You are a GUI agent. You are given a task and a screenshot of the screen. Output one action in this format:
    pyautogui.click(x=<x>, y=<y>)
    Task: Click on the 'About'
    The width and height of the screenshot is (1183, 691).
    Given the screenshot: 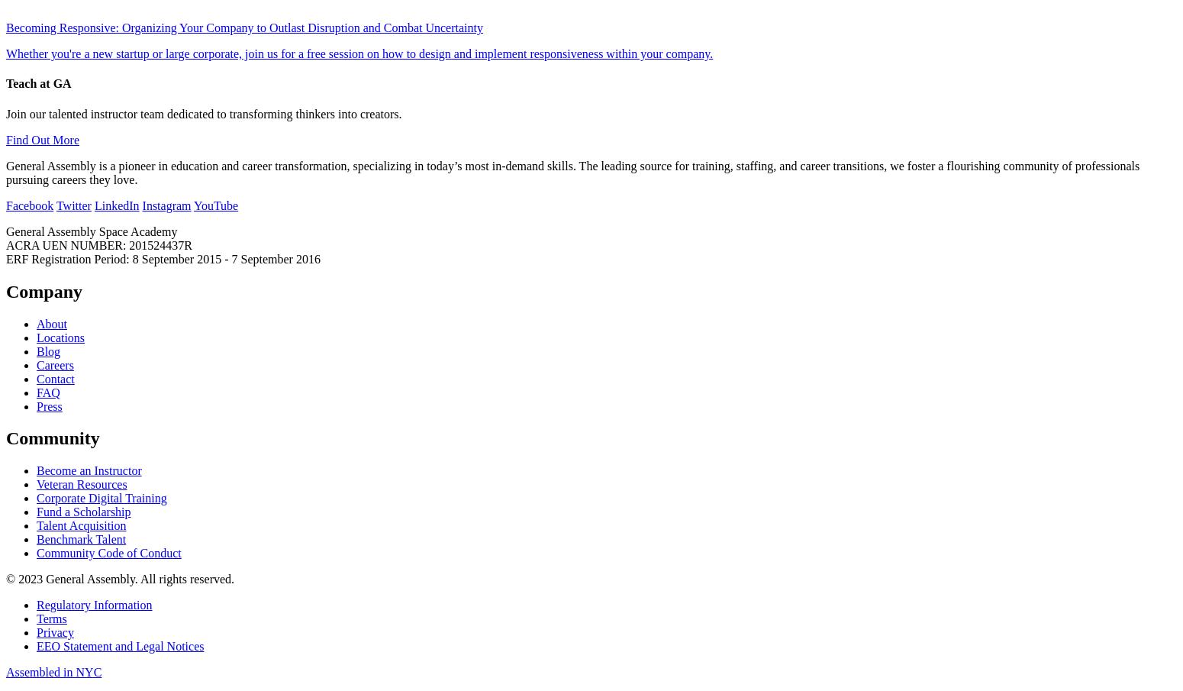 What is the action you would take?
    pyautogui.click(x=51, y=322)
    